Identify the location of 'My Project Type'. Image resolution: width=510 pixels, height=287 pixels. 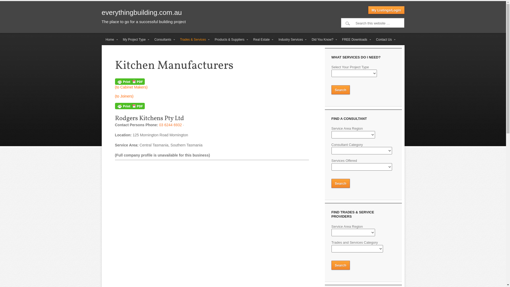
(135, 39).